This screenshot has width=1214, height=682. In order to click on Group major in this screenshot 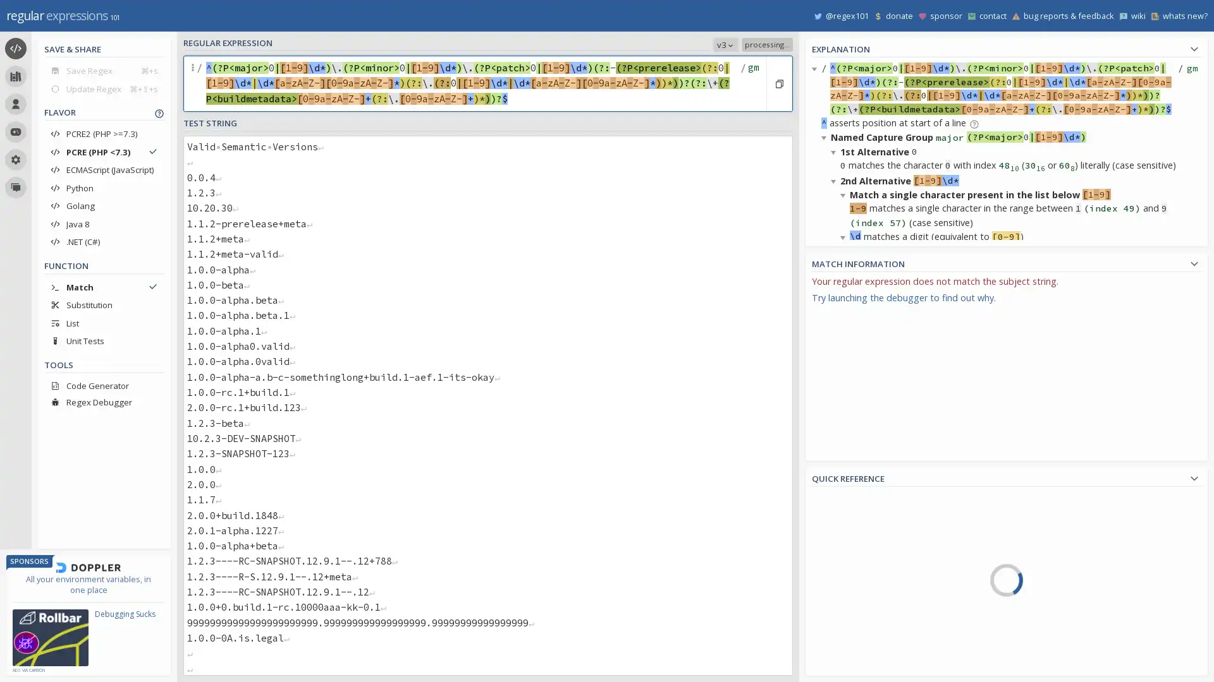, I will do `click(845, 416)`.